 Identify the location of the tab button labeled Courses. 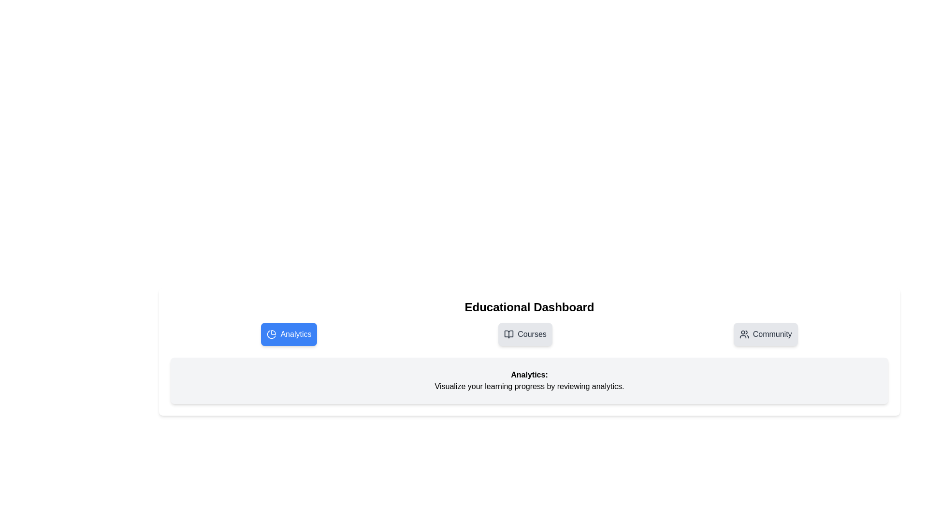
(525, 333).